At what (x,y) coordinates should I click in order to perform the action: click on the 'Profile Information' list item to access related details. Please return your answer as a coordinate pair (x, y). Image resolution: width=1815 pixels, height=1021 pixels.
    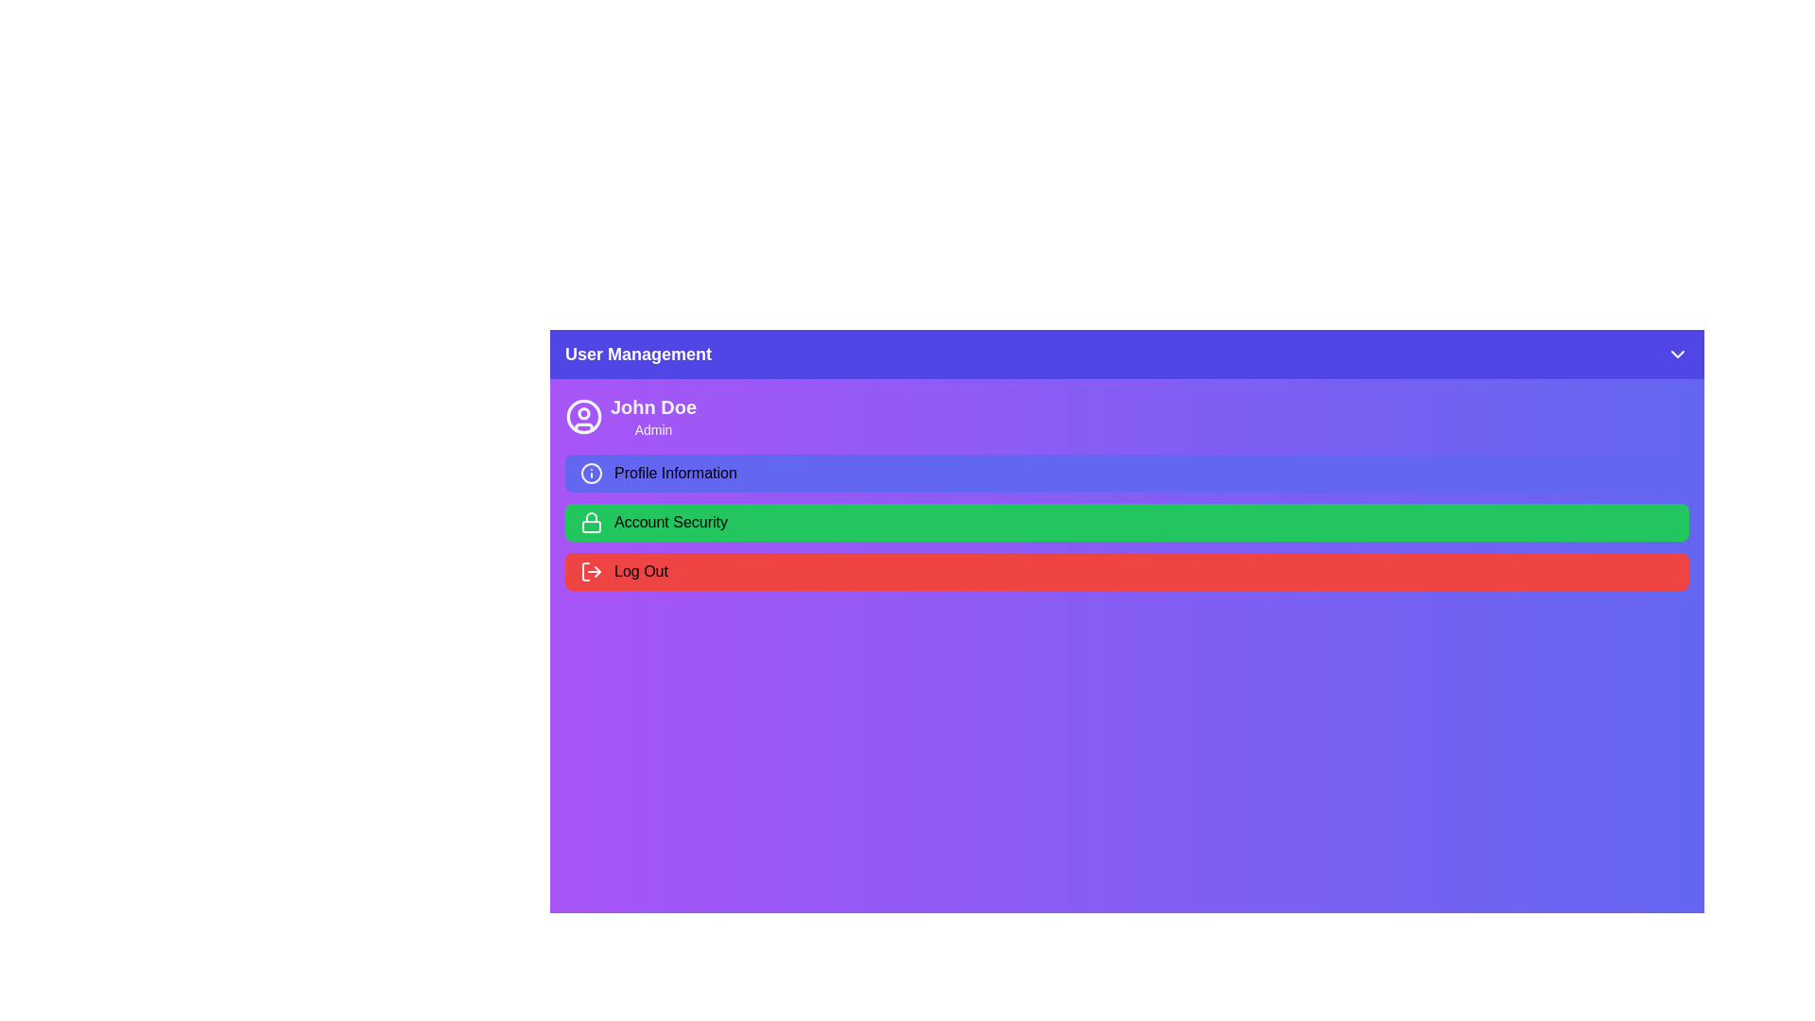
    Looking at the image, I should click on (1127, 473).